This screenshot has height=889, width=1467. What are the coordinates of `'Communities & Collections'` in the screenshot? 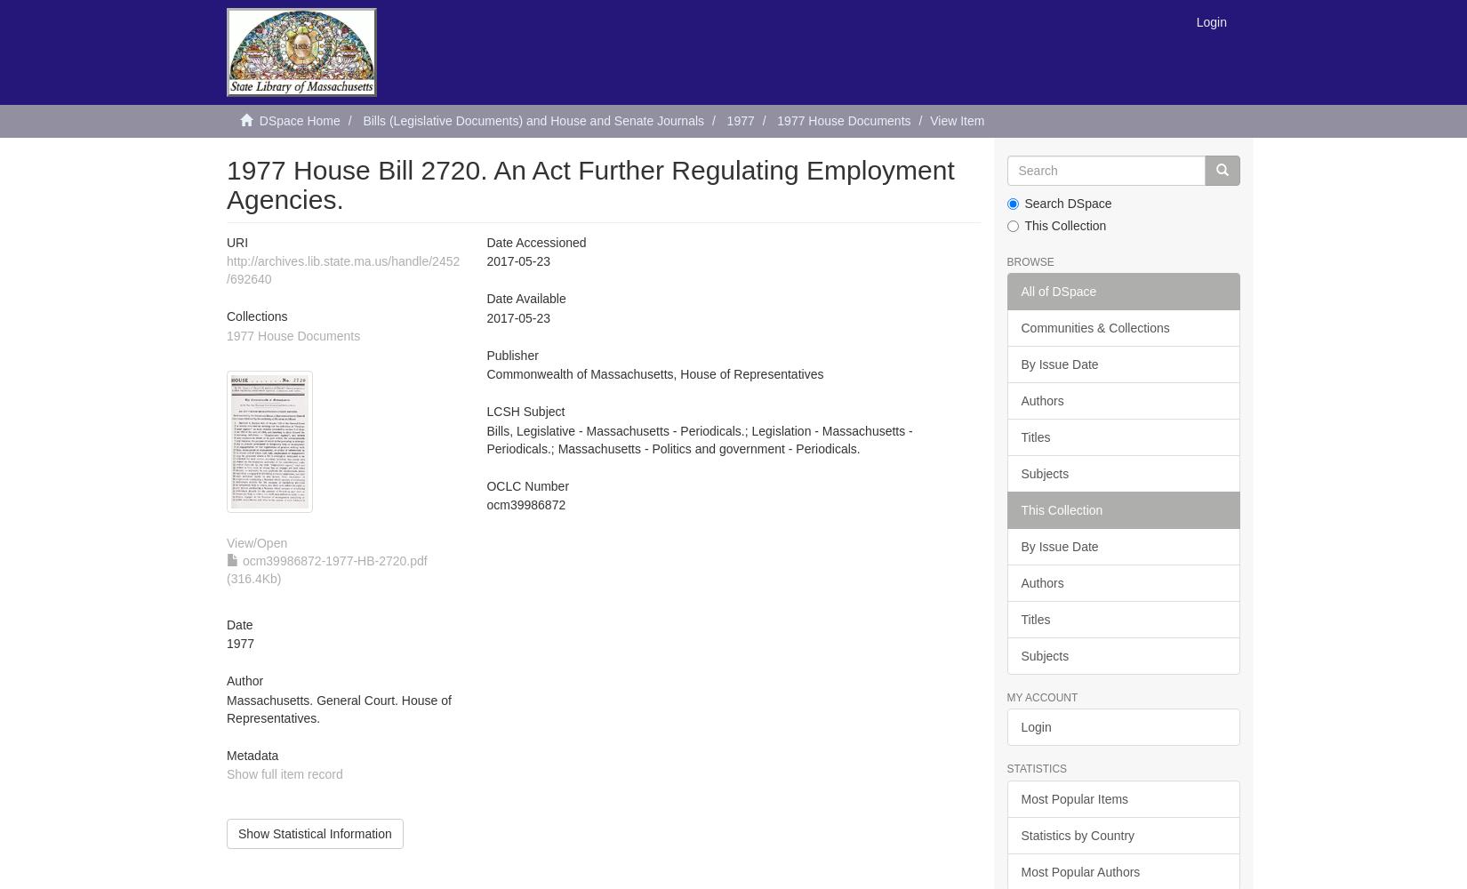 It's located at (1094, 327).